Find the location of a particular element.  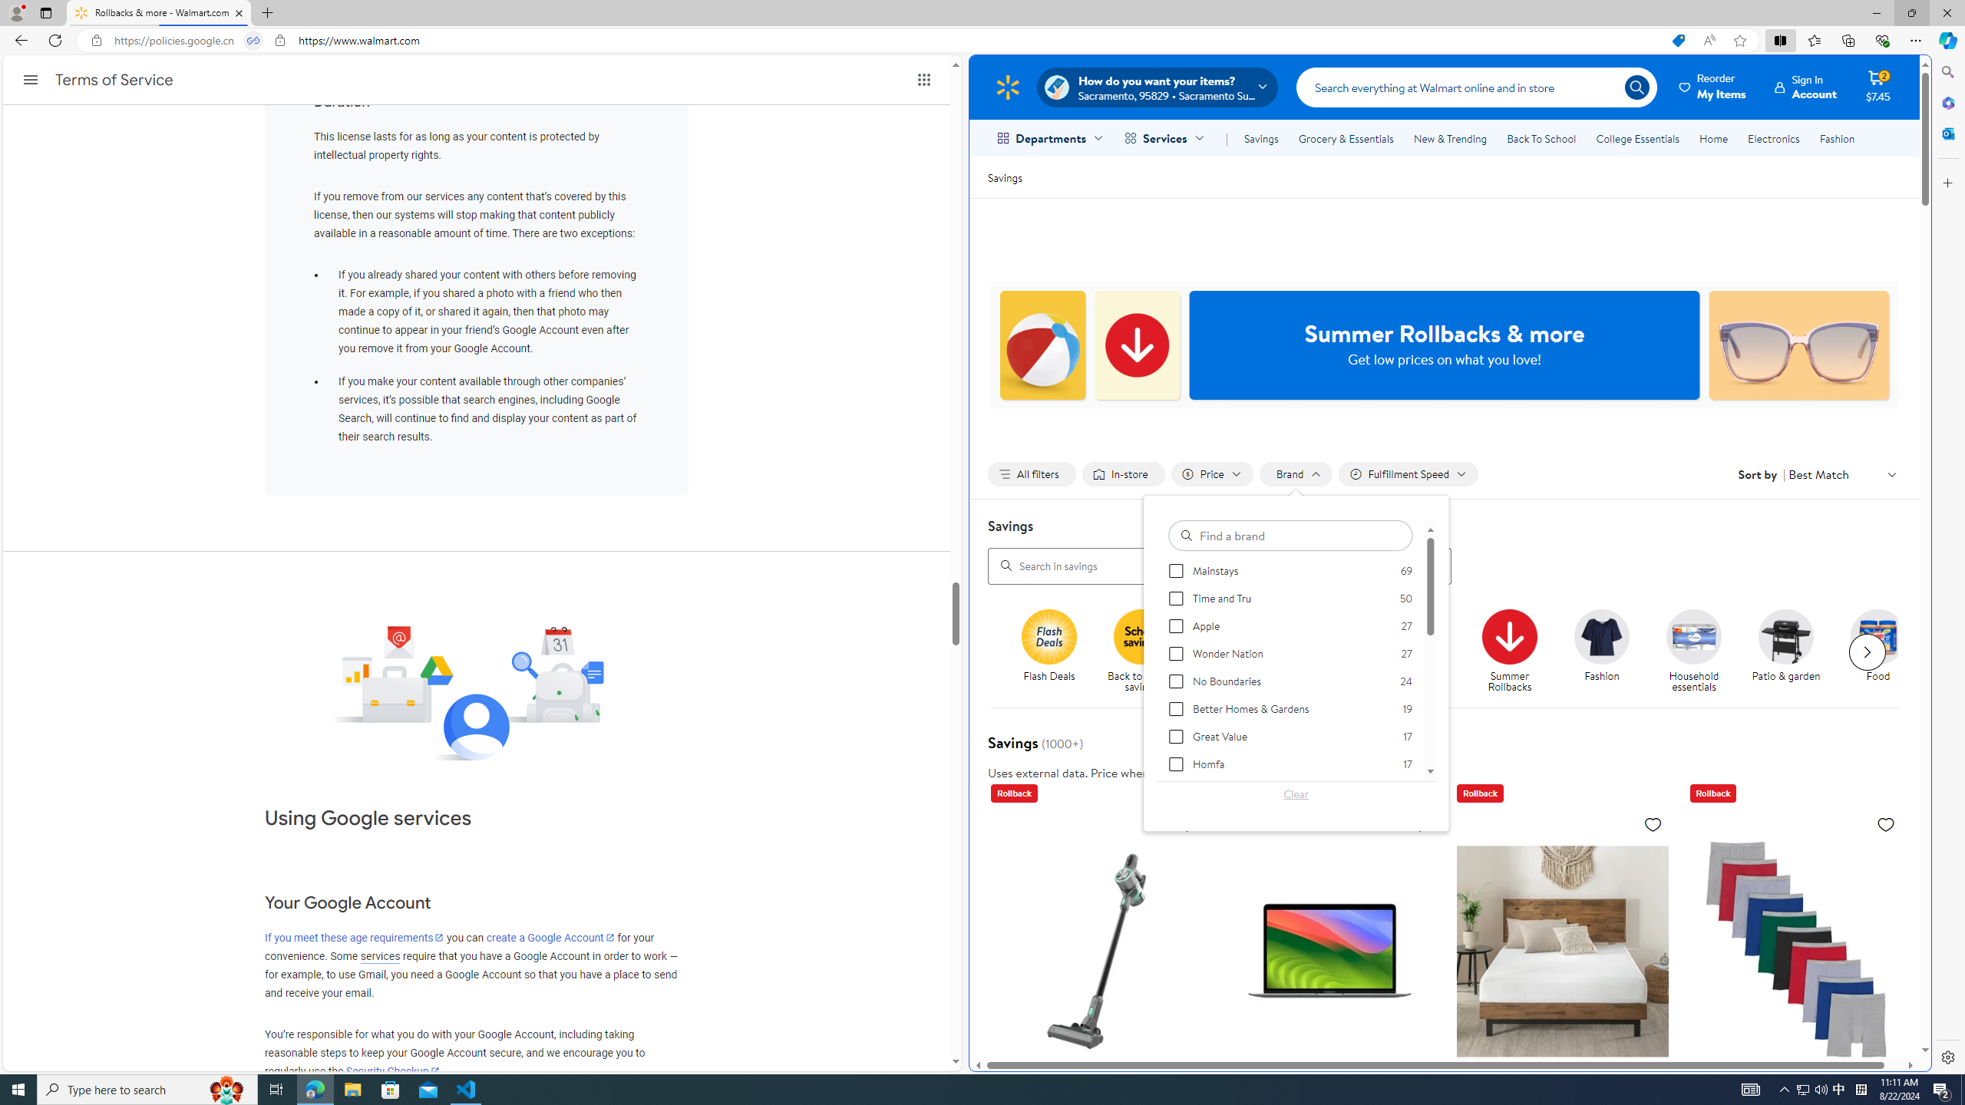

'Rollbacks & more - Walmart.com' is located at coordinates (159, 12).